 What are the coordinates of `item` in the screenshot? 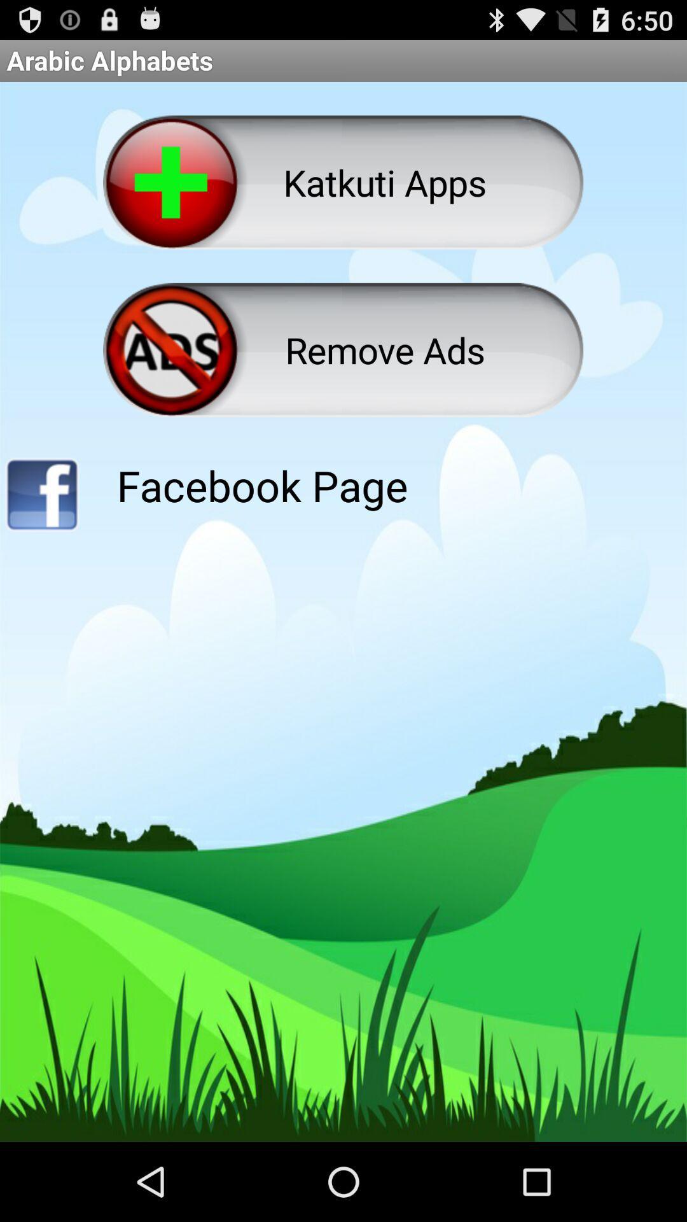 It's located at (41, 498).